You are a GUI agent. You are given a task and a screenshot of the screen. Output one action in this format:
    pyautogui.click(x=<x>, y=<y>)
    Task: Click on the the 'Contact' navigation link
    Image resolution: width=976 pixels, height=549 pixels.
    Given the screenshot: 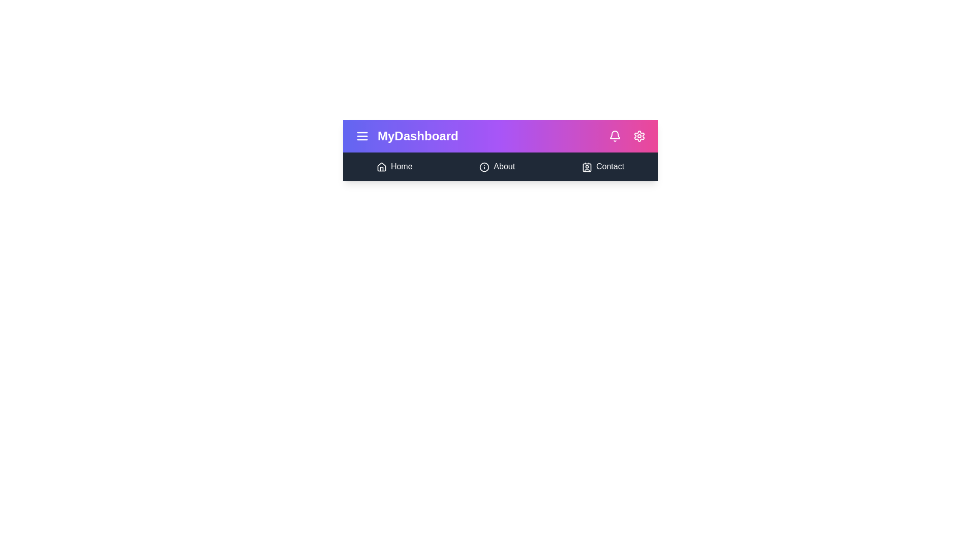 What is the action you would take?
    pyautogui.click(x=602, y=166)
    